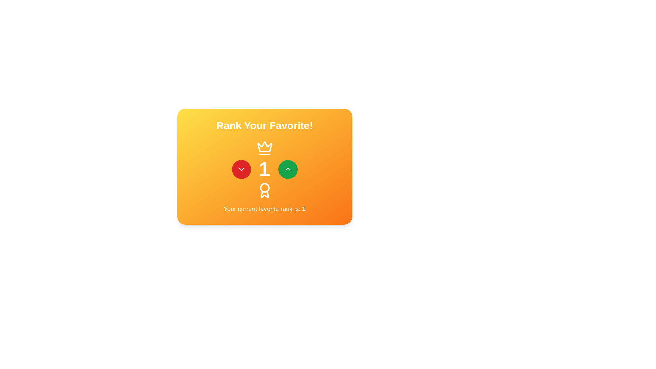  I want to click on the decorative and informational composite element that visually represents the current ranking, located below the heading 'Rank Your Favorite!' and flanked by two circular buttons, so click(264, 169).